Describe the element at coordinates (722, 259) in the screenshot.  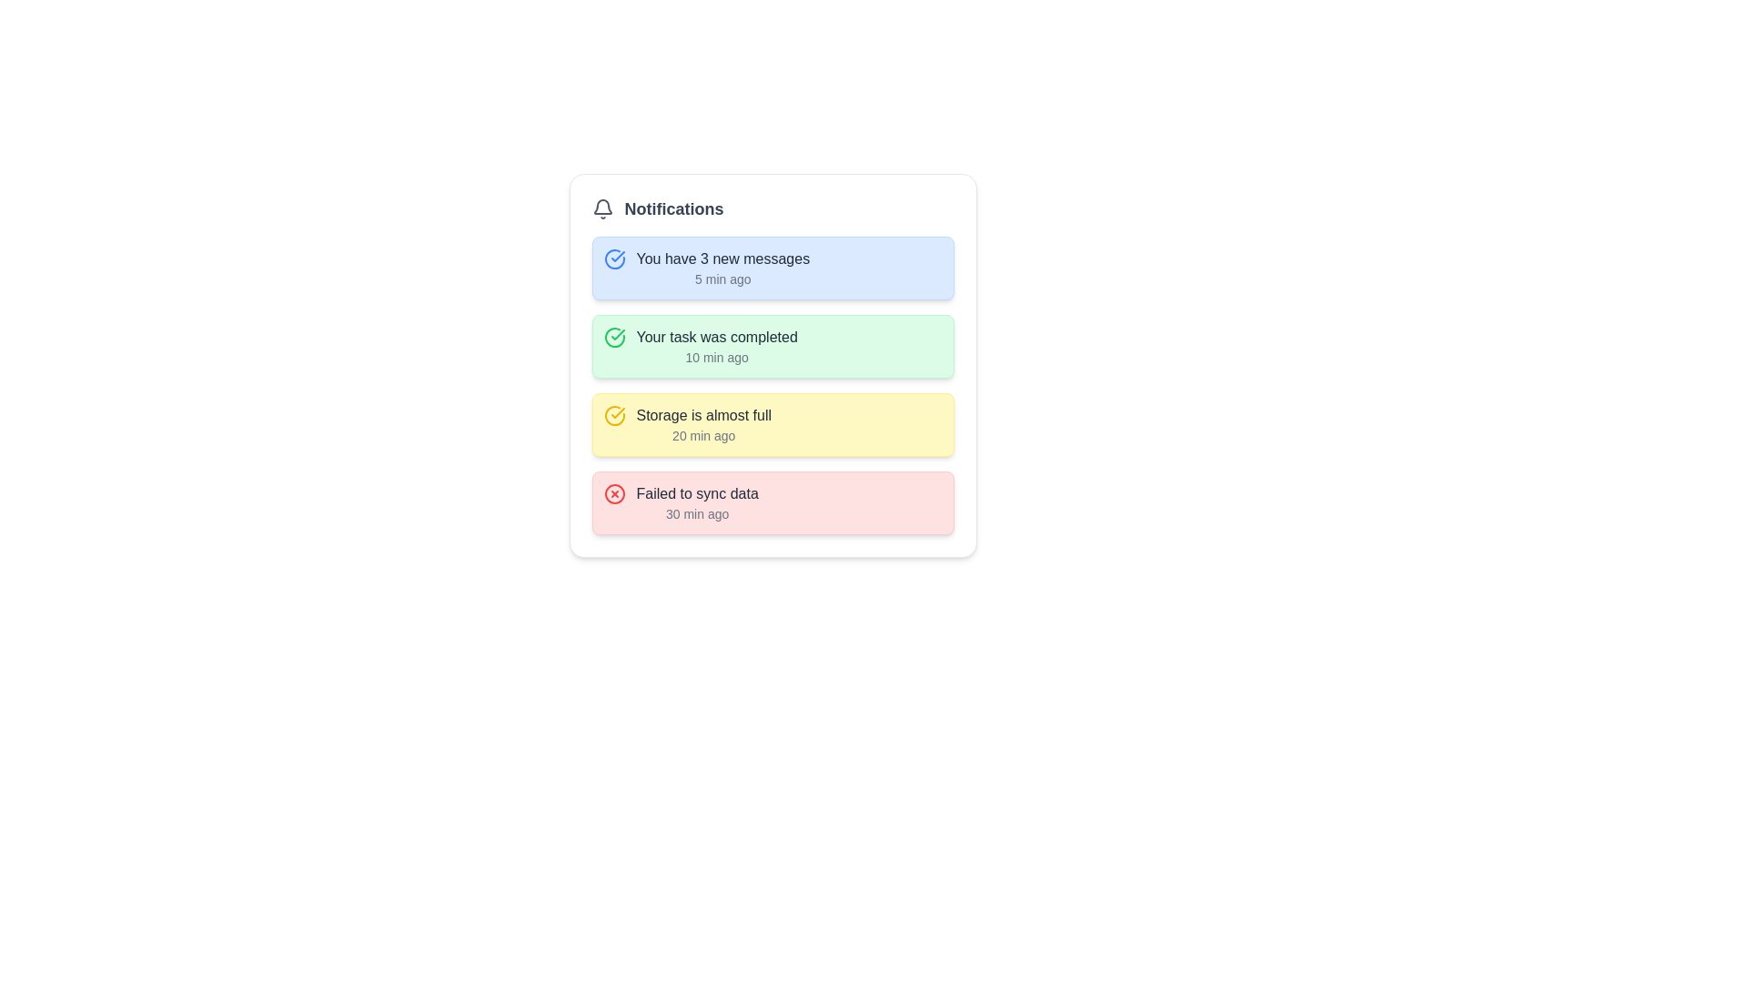
I see `text content of the top text label within the first notification card under the 'Notifications' header` at that location.